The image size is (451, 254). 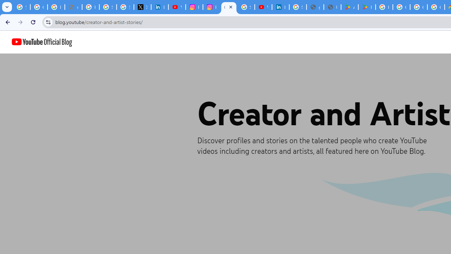 I want to click on 'support.google.com - Network error', so click(x=73, y=7).